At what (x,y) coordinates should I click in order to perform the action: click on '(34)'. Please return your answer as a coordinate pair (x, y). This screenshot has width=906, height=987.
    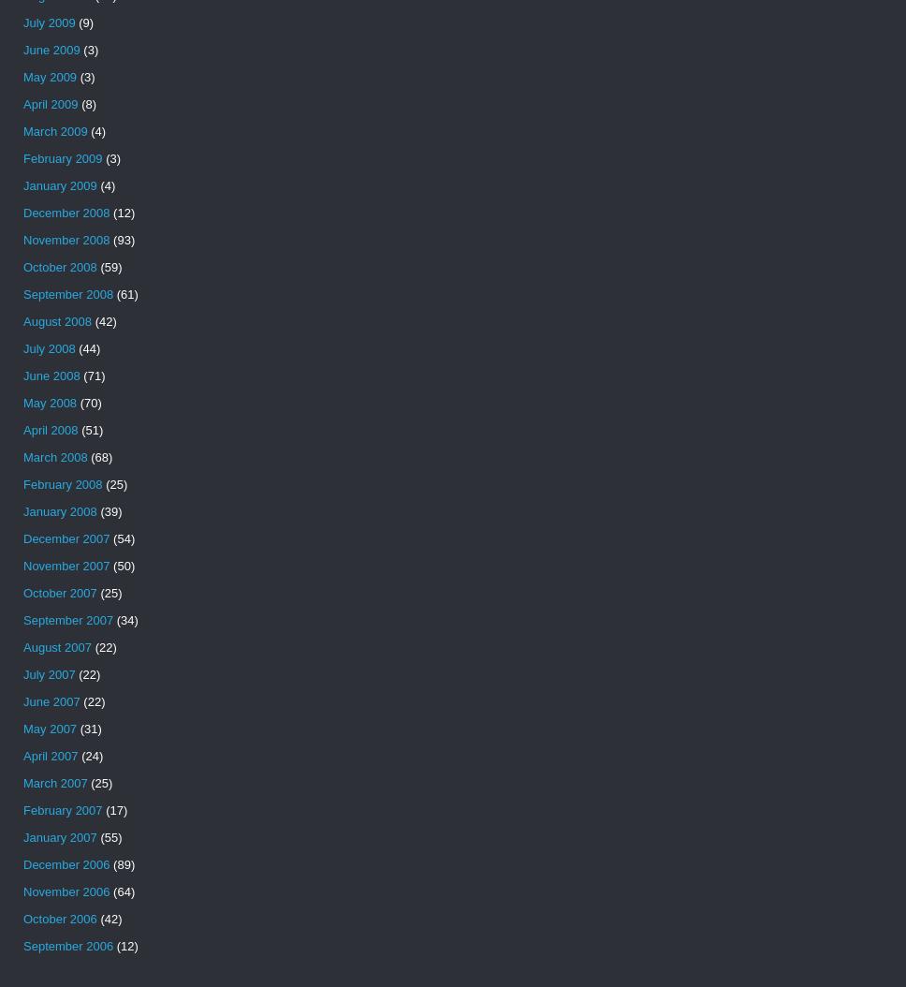
    Looking at the image, I should click on (124, 620).